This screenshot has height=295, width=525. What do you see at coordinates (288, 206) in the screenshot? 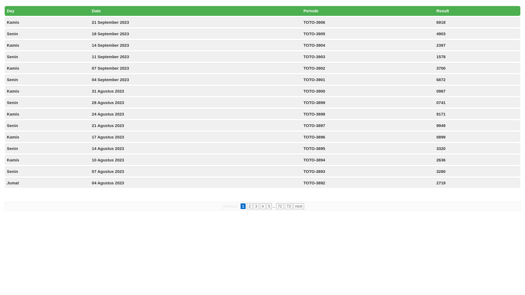
I see `'73'` at bounding box center [288, 206].